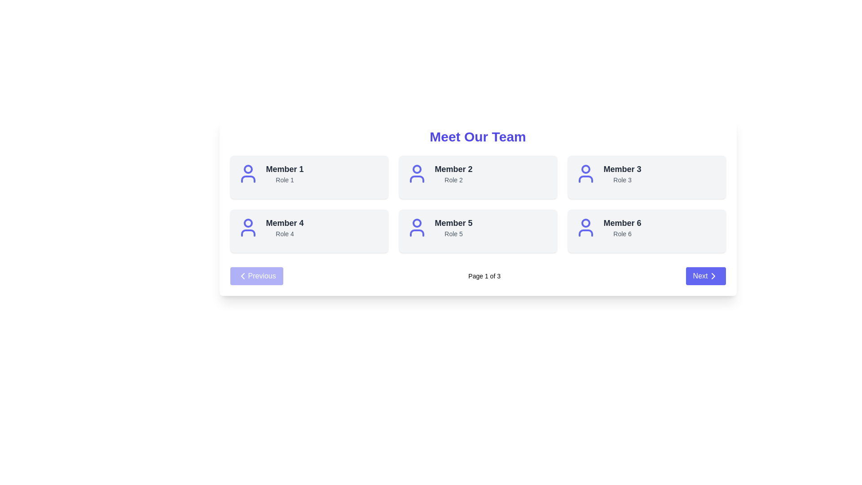 The width and height of the screenshot is (862, 485). I want to click on the static text indicating the current page number and total pages in the pagination section, located at the bottom of the interface between the 'Previous' and 'Next' buttons, so click(484, 275).